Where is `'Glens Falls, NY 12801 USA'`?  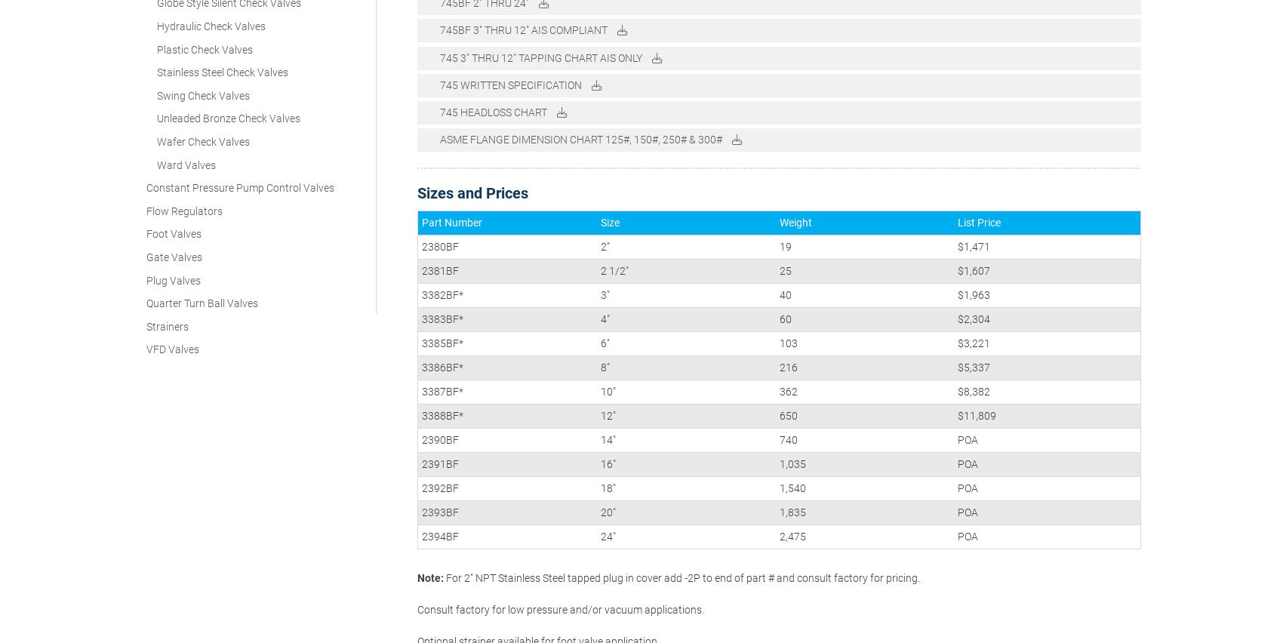
'Glens Falls, NY 12801 USA' is located at coordinates (960, 529).